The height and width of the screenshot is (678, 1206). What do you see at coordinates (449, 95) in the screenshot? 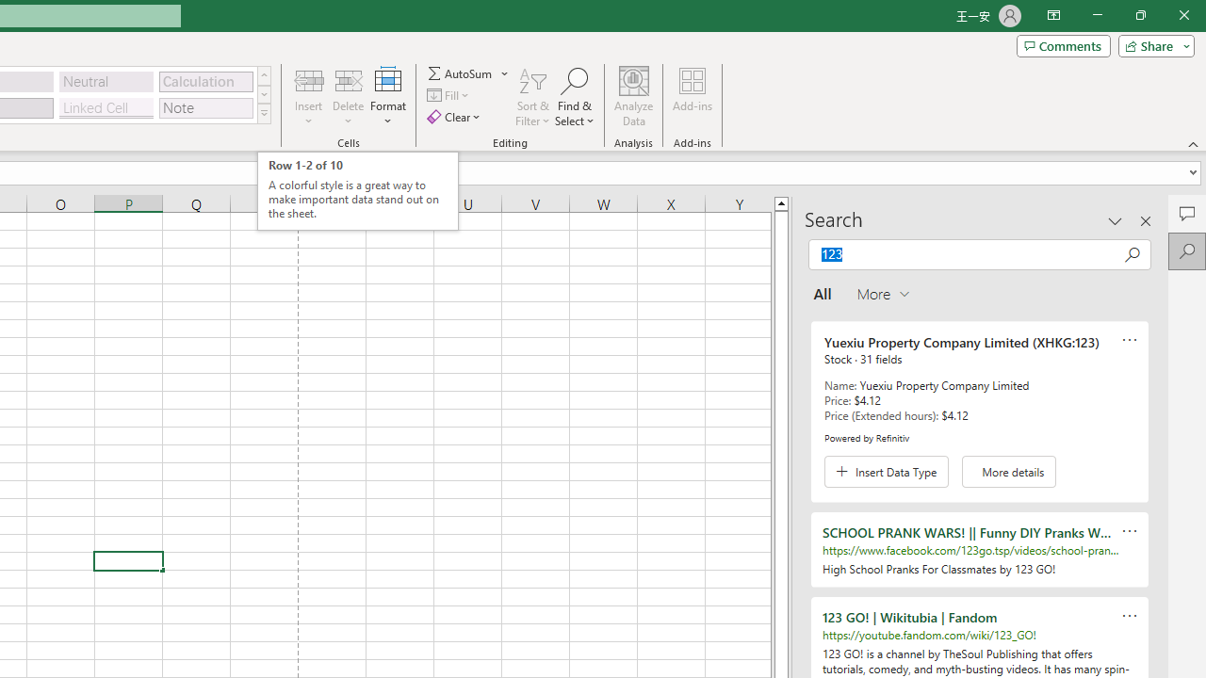
I see `'Fill'` at bounding box center [449, 95].